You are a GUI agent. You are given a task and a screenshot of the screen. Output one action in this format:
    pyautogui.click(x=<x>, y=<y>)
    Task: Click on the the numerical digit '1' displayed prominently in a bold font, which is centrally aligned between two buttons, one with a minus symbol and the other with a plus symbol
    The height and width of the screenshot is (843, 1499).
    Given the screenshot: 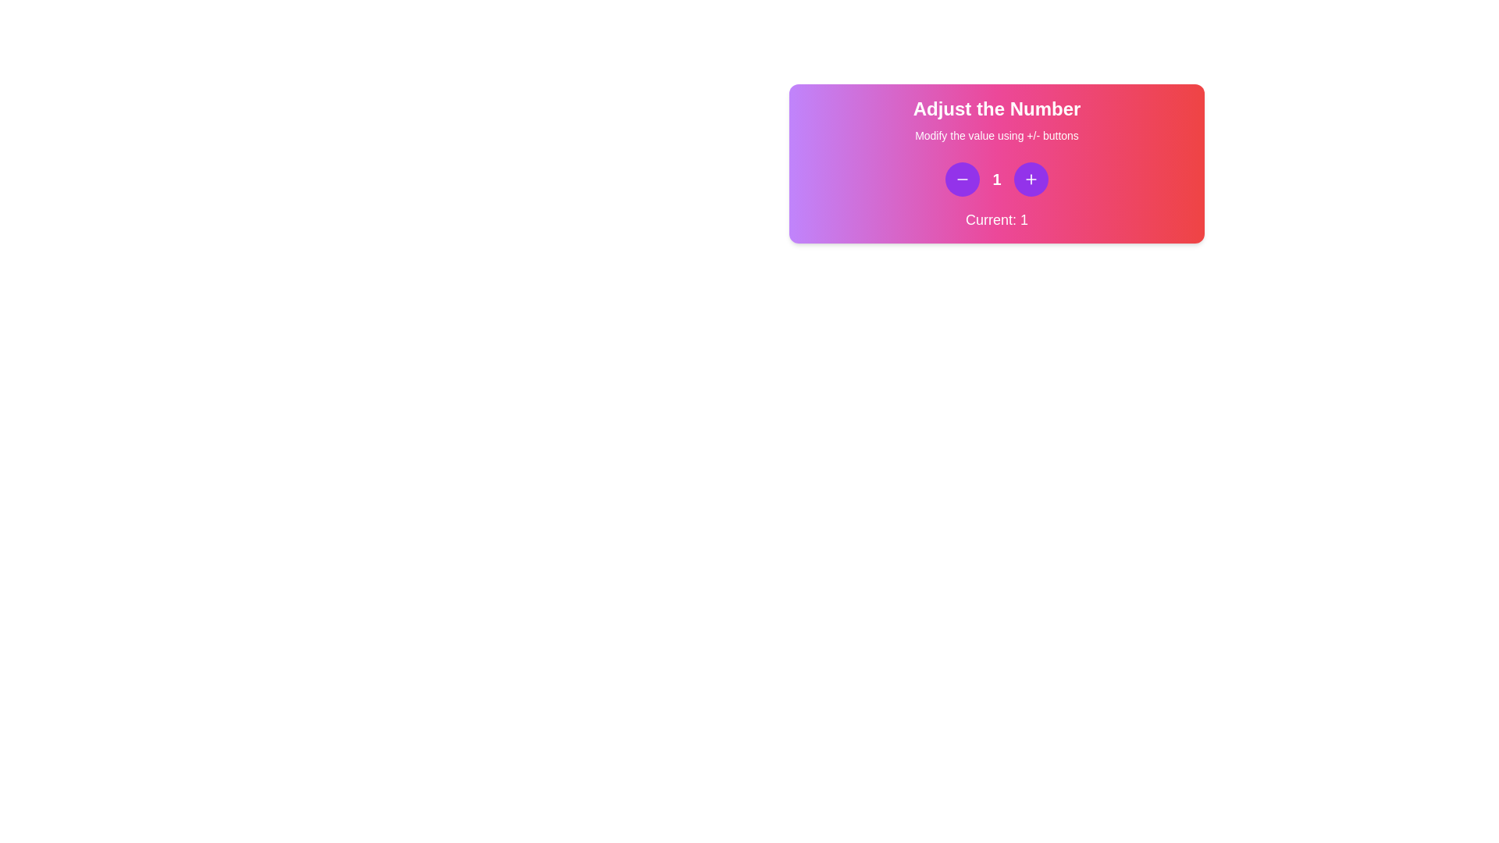 What is the action you would take?
    pyautogui.click(x=995, y=179)
    